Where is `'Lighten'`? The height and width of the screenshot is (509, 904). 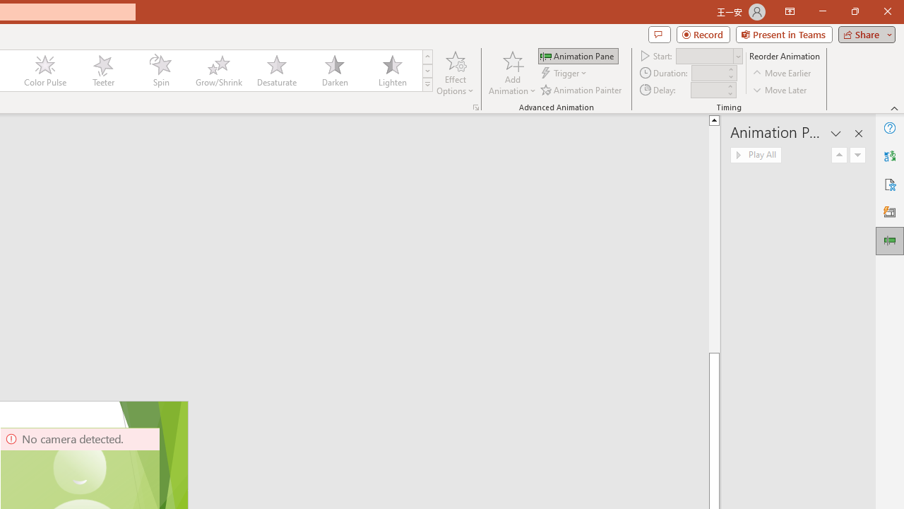 'Lighten' is located at coordinates (392, 71).